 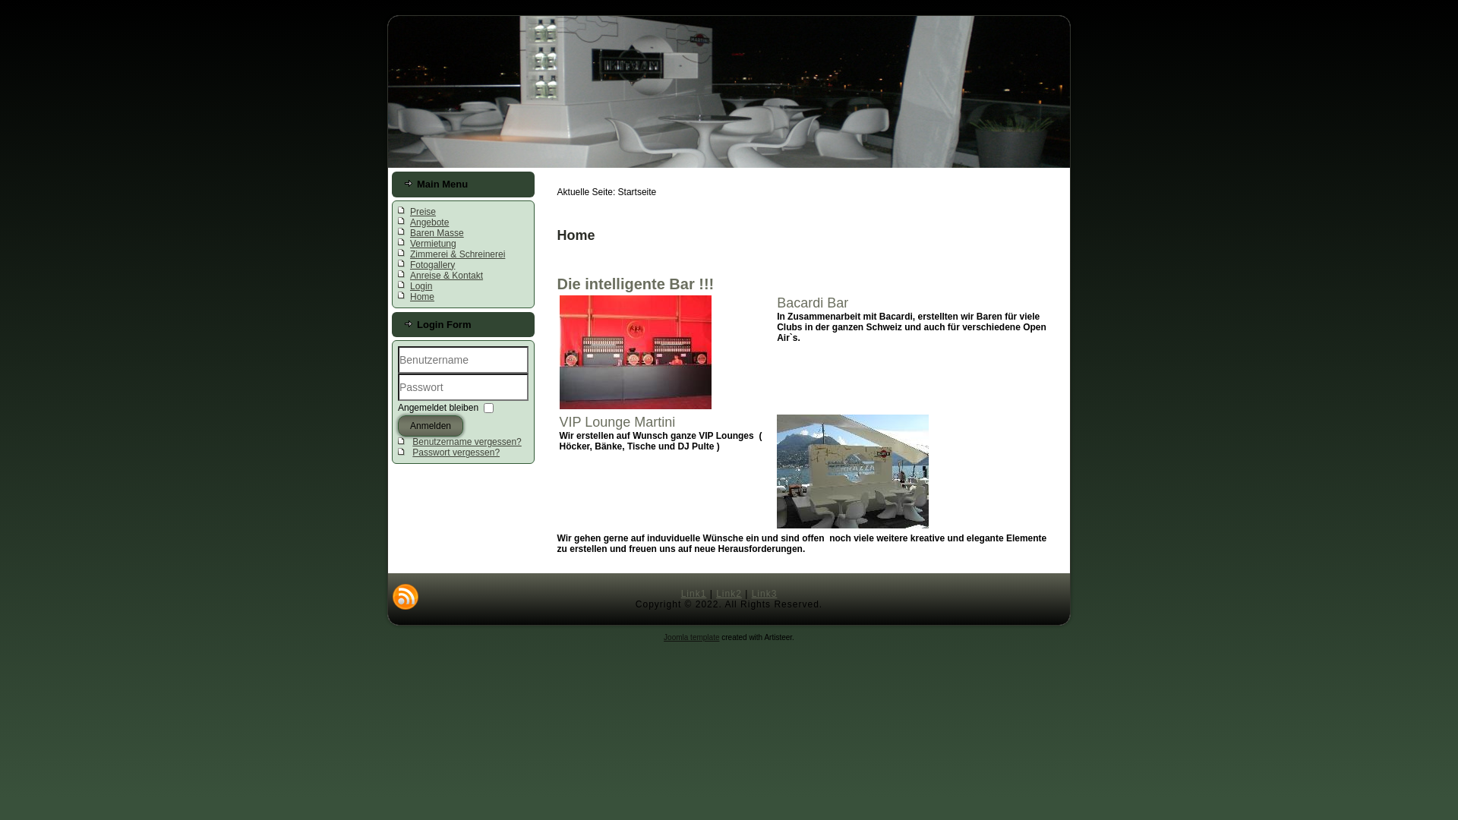 I want to click on 'Anreise & Kontakt', so click(x=446, y=275).